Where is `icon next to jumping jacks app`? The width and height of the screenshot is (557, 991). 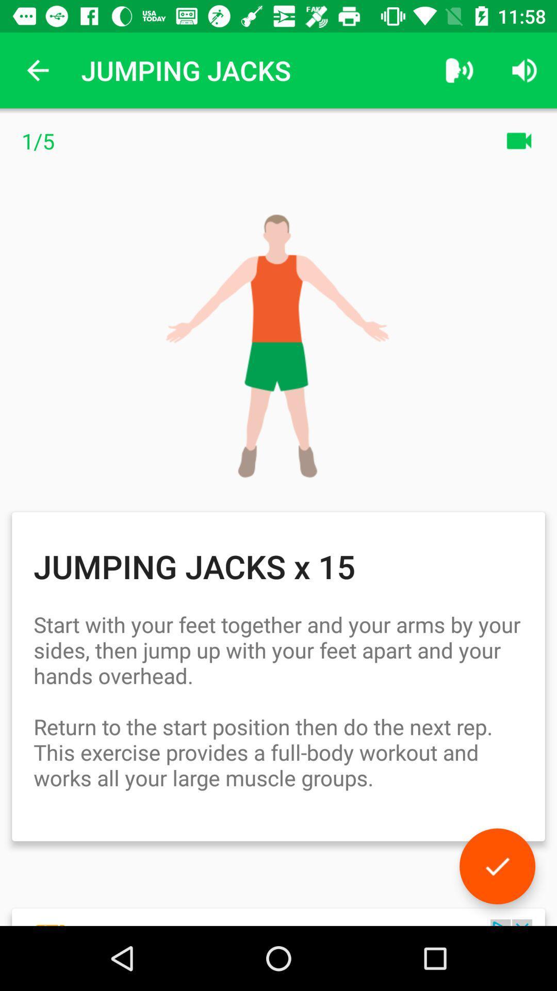 icon next to jumping jacks app is located at coordinates (37, 70).